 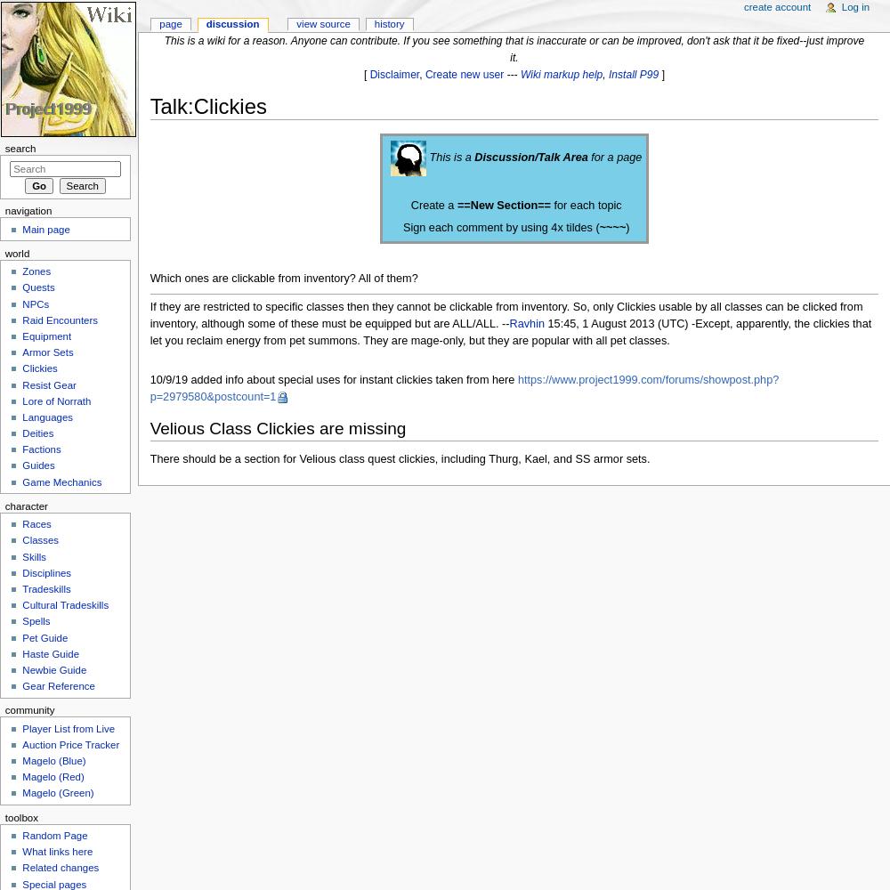 What do you see at coordinates (60, 867) in the screenshot?
I see `'Related changes'` at bounding box center [60, 867].